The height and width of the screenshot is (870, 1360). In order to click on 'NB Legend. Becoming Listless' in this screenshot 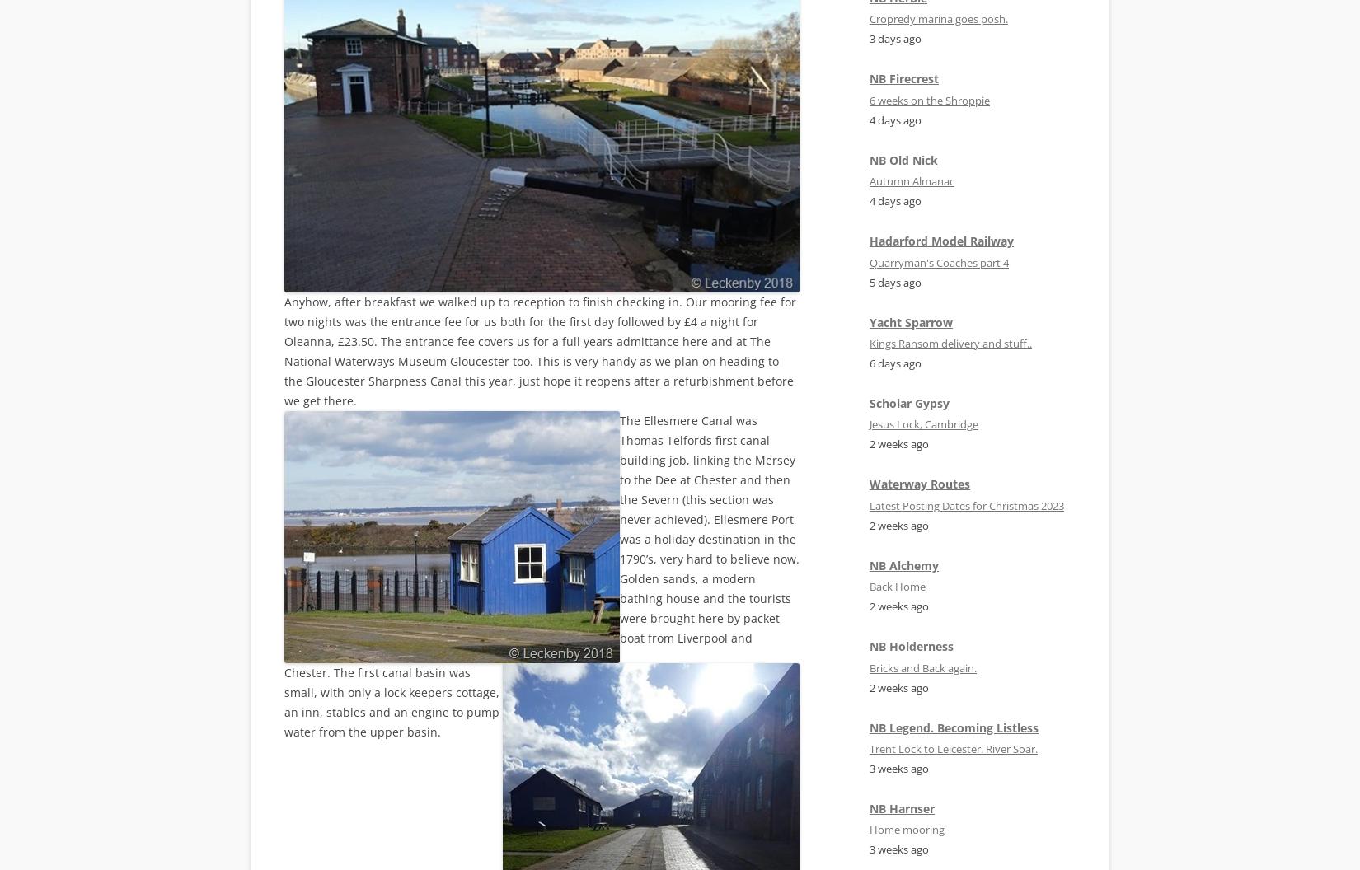, I will do `click(954, 726)`.